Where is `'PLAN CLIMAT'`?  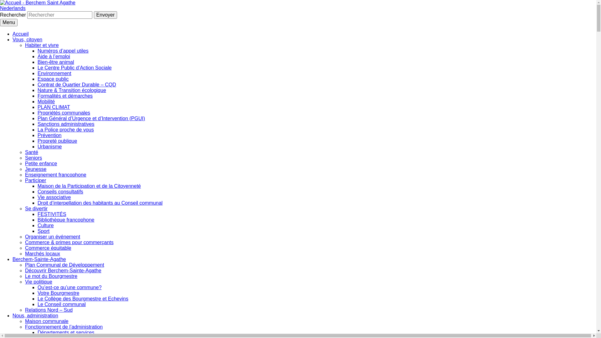
'PLAN CLIMAT' is located at coordinates (54, 107).